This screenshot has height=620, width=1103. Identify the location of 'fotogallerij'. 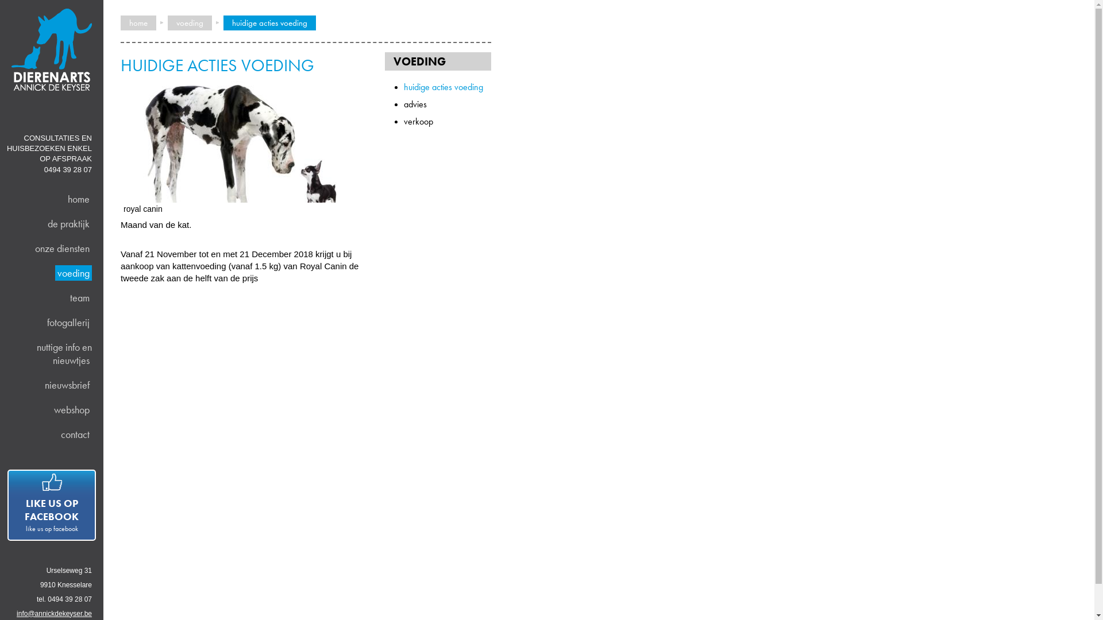
(68, 322).